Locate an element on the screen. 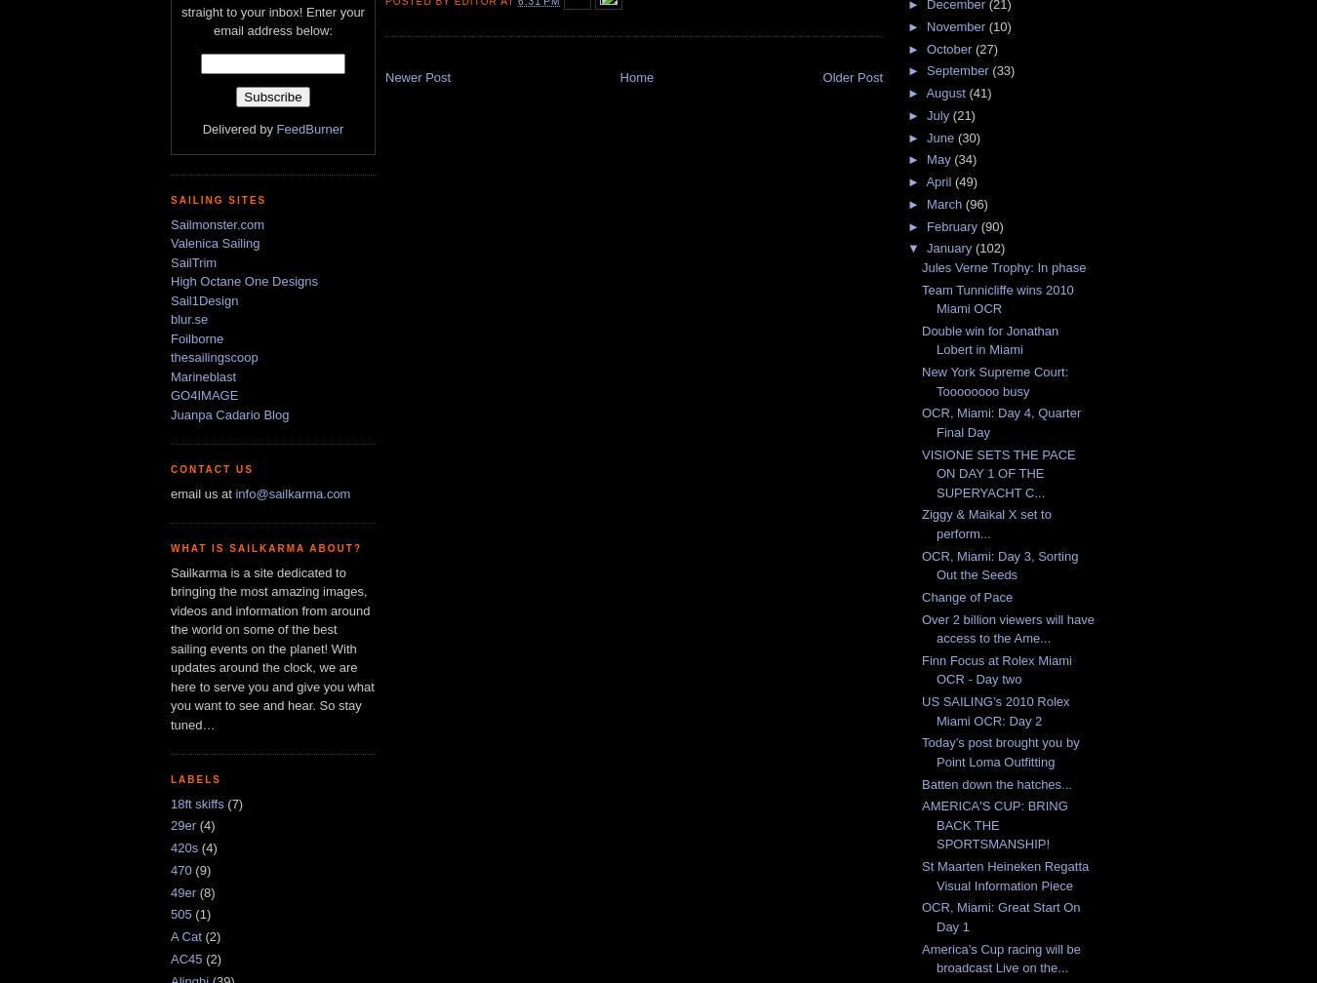 This screenshot has height=983, width=1317. '(102)' is located at coordinates (974, 248).